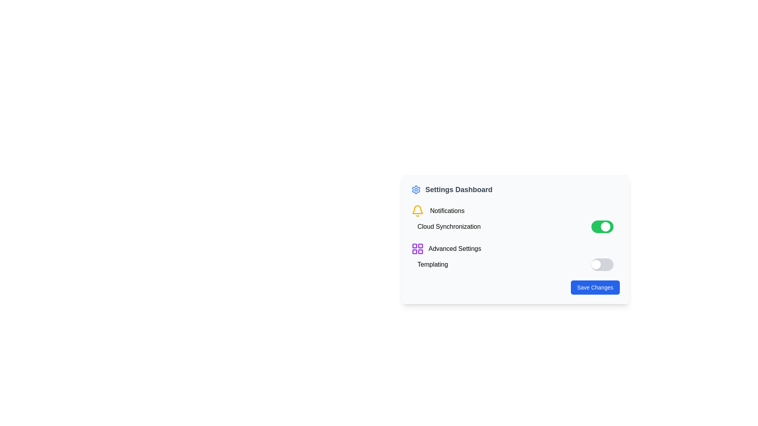 This screenshot has width=758, height=426. I want to click on the 'Save Changes' button, which is a rectangular button with a blue background and white text located at the bottom-right area of the settings panel, so click(595, 288).